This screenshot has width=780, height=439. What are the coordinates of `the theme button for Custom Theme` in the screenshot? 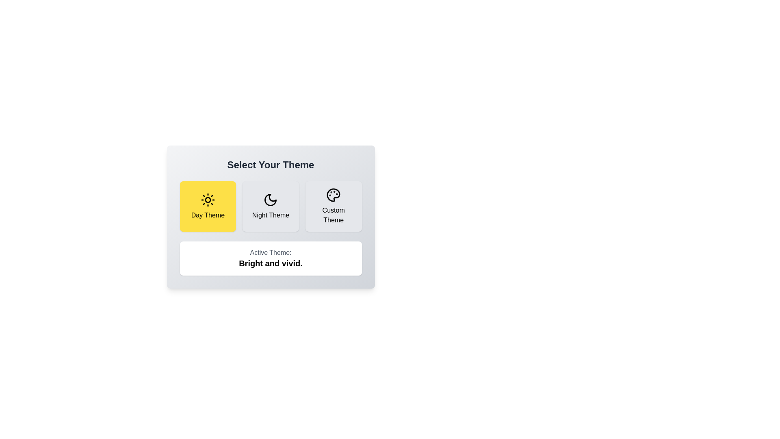 It's located at (334, 206).